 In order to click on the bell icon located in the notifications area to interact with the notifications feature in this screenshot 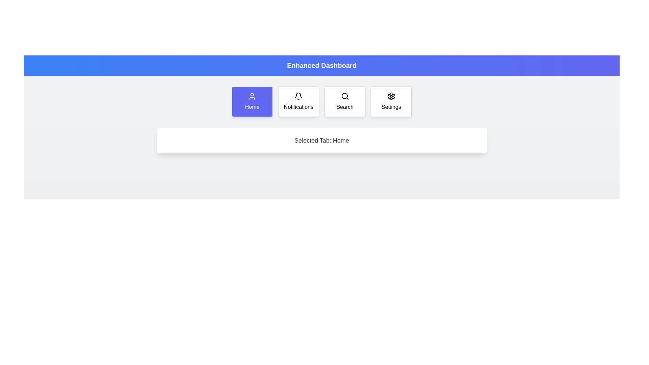, I will do `click(298, 96)`.